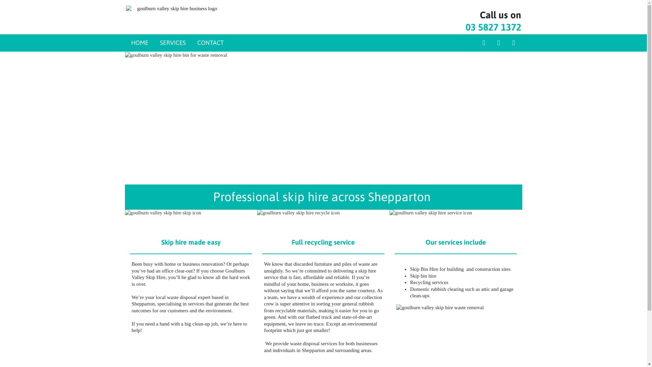  I want to click on 'goulburn valley skip hire recycle icon', so click(323, 219).